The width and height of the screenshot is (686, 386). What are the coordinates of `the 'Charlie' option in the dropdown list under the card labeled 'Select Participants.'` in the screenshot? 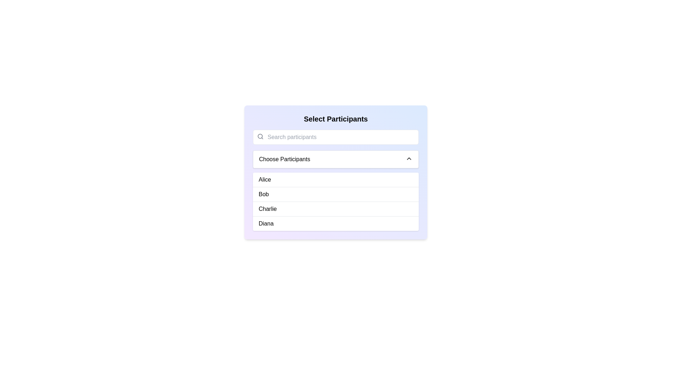 It's located at (267, 209).